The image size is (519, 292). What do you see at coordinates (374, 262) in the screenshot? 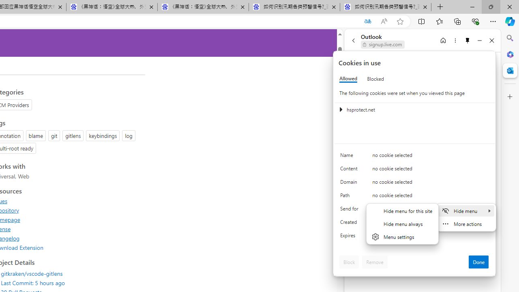
I see `'Remove'` at bounding box center [374, 262].